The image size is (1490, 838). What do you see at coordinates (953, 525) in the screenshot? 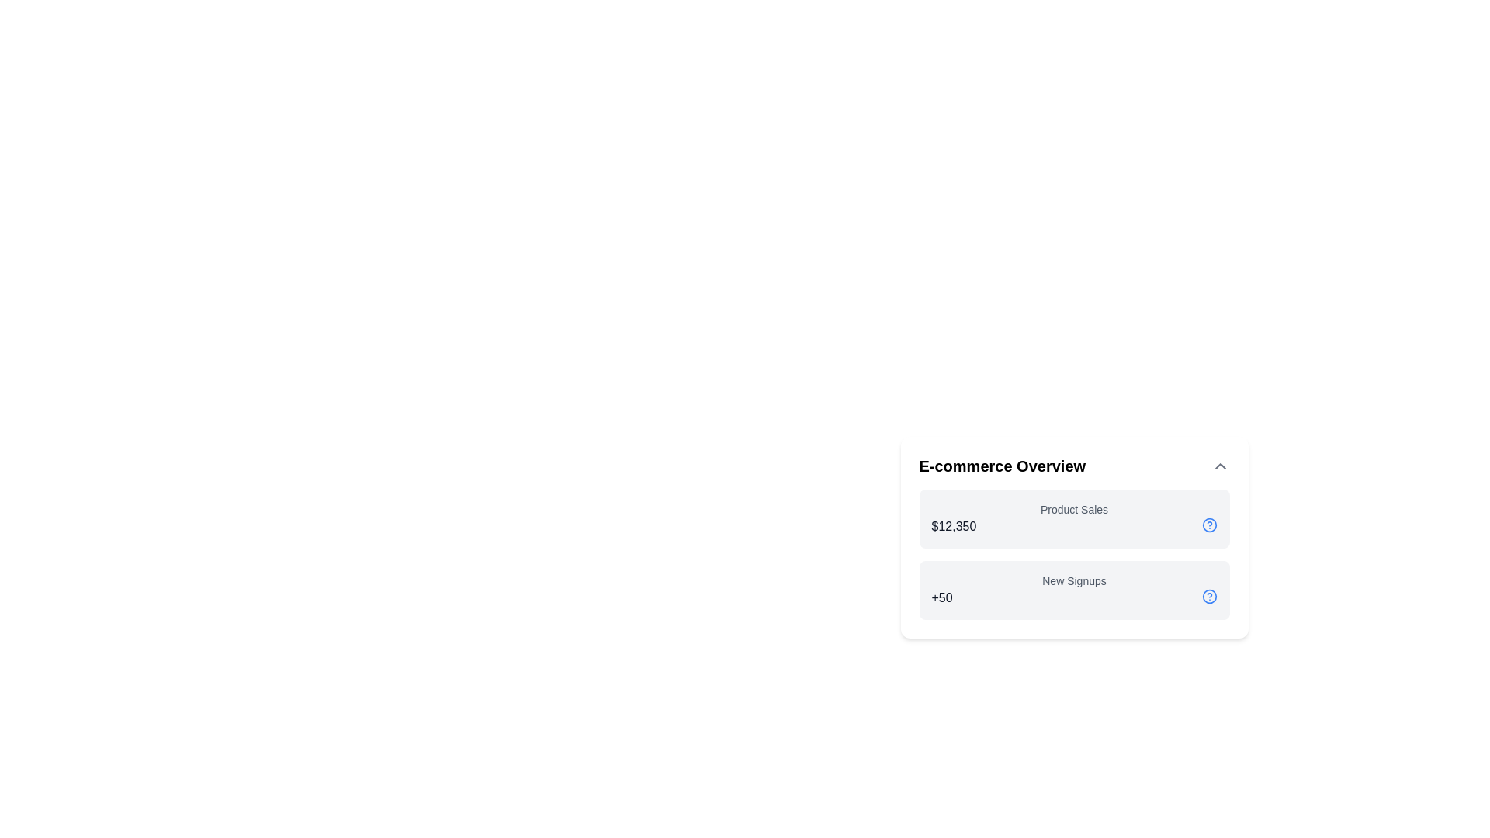
I see `numeric value displayed in the Text Display element located to the left of the 'Product Sales' label in the 'E-commerce Overview' panel` at bounding box center [953, 525].